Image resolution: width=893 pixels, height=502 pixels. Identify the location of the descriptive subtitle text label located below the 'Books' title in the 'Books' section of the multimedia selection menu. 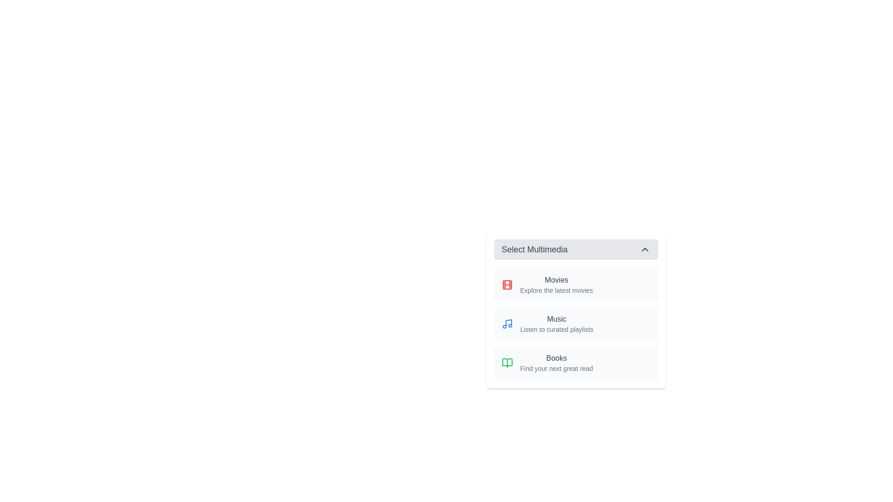
(556, 368).